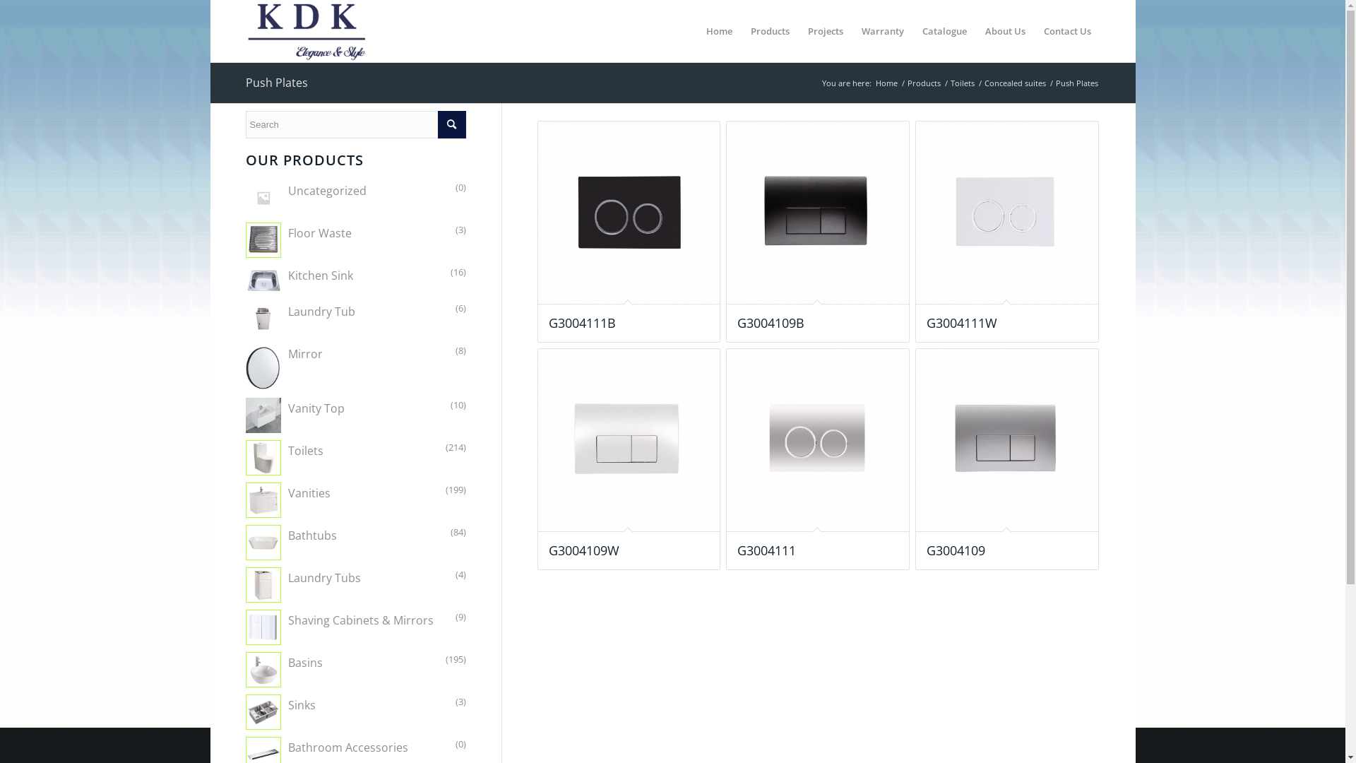 This screenshot has width=1356, height=763. Describe the element at coordinates (263, 669) in the screenshot. I see `'Basins'` at that location.